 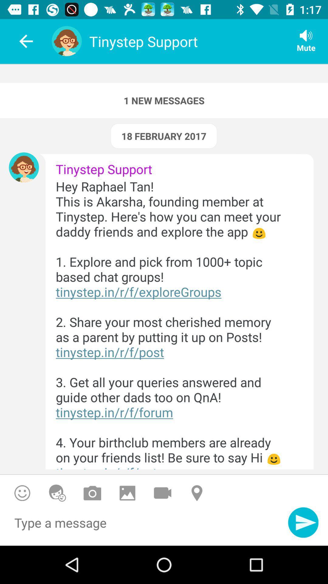 I want to click on record, so click(x=162, y=493).